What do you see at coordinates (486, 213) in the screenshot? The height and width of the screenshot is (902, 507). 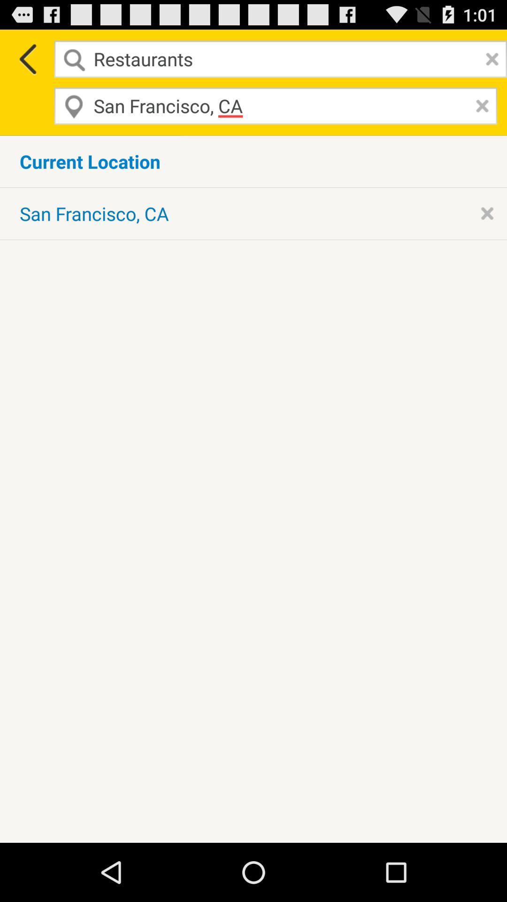 I see `remove option` at bounding box center [486, 213].